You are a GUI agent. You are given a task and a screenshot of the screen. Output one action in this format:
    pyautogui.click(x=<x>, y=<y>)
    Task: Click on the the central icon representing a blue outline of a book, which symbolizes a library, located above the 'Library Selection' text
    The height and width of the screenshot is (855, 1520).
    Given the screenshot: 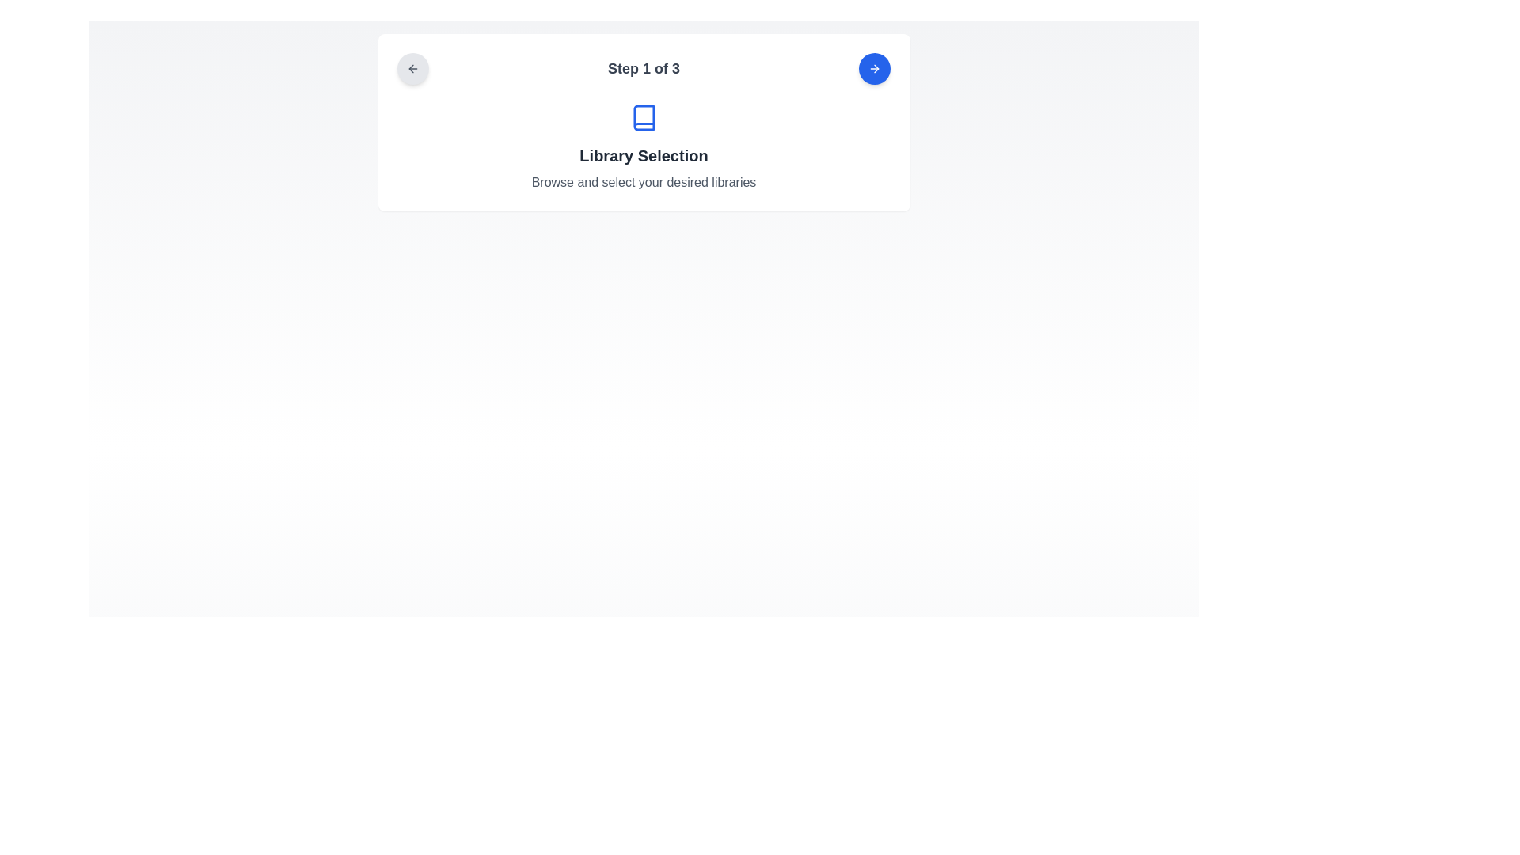 What is the action you would take?
    pyautogui.click(x=644, y=117)
    